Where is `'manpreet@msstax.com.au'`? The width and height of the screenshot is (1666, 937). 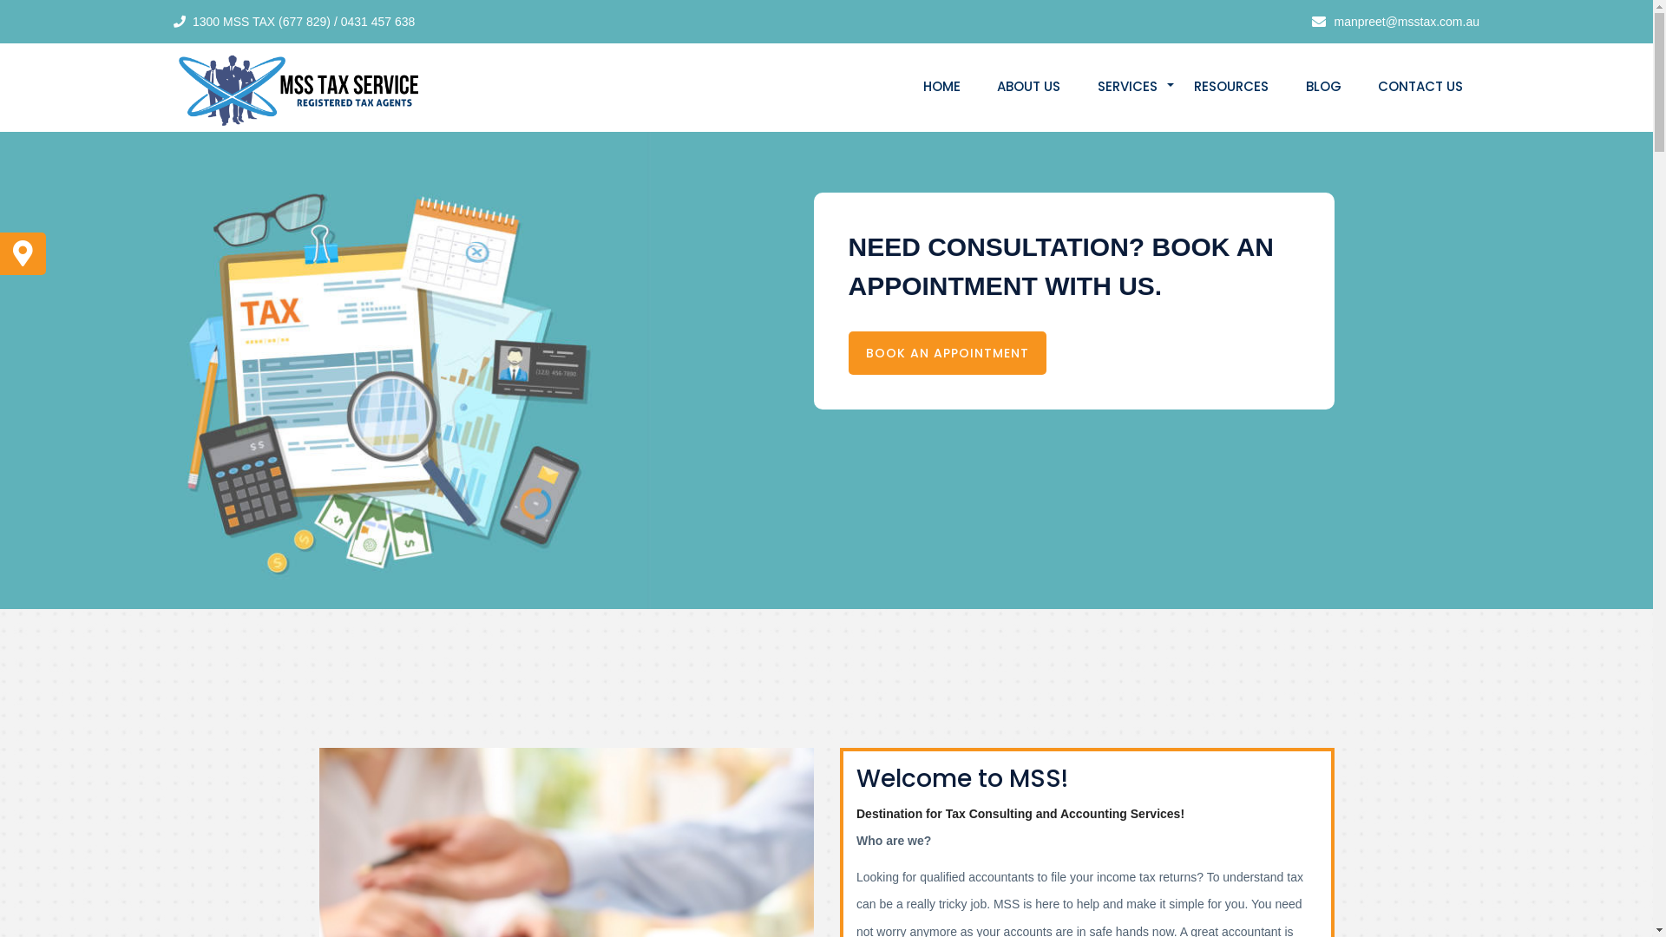 'manpreet@msstax.com.au' is located at coordinates (1324, 21).